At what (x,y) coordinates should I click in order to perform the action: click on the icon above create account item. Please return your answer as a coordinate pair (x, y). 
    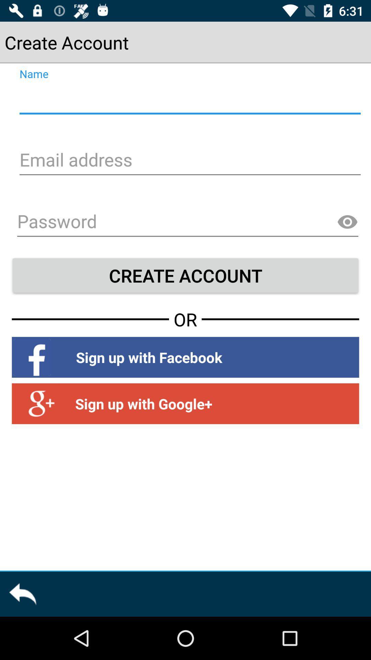
    Looking at the image, I should click on (188, 222).